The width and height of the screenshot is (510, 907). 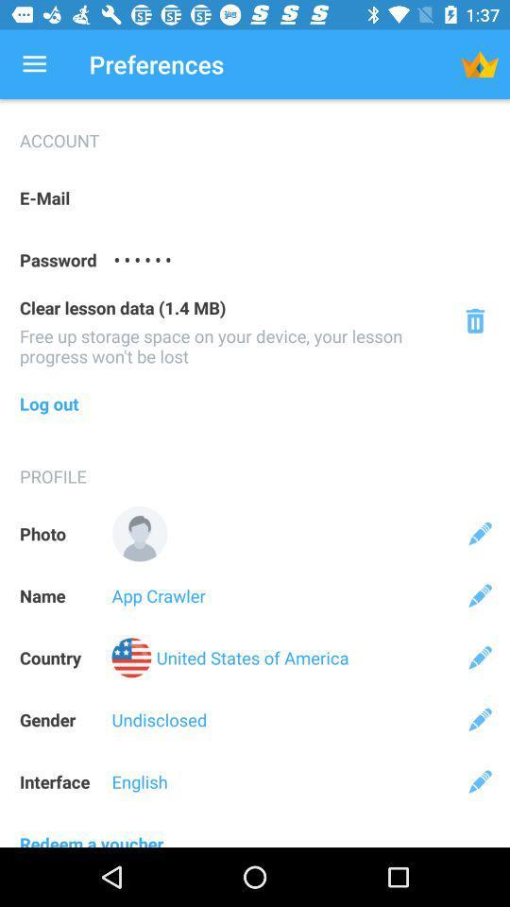 What do you see at coordinates (255, 132) in the screenshot?
I see `the account` at bounding box center [255, 132].